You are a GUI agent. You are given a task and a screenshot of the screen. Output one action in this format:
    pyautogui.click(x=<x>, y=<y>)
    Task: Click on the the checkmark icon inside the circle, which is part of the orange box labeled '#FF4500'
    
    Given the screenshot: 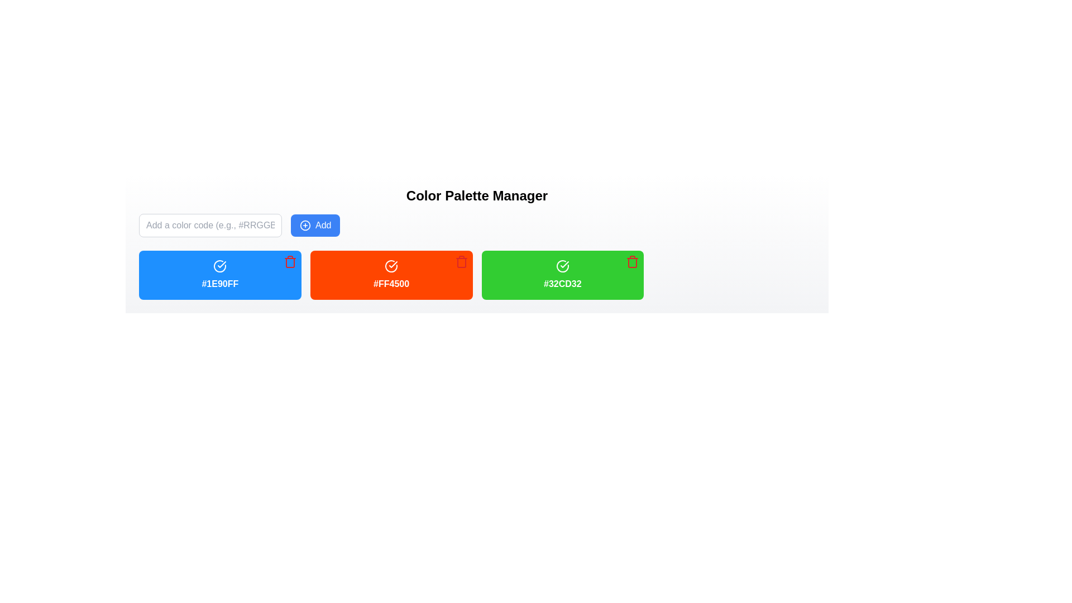 What is the action you would take?
    pyautogui.click(x=393, y=265)
    